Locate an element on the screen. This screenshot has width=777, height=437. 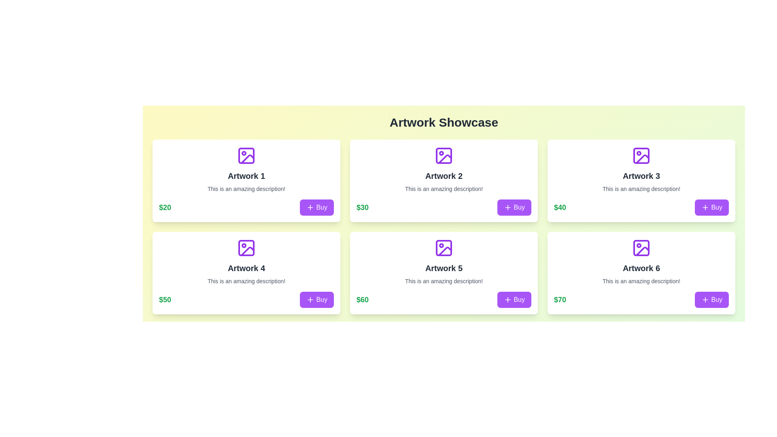
the text label displaying the price '$40', located in the third card from the left in the second row, next to the 'Buy' button is located at coordinates (559, 207).